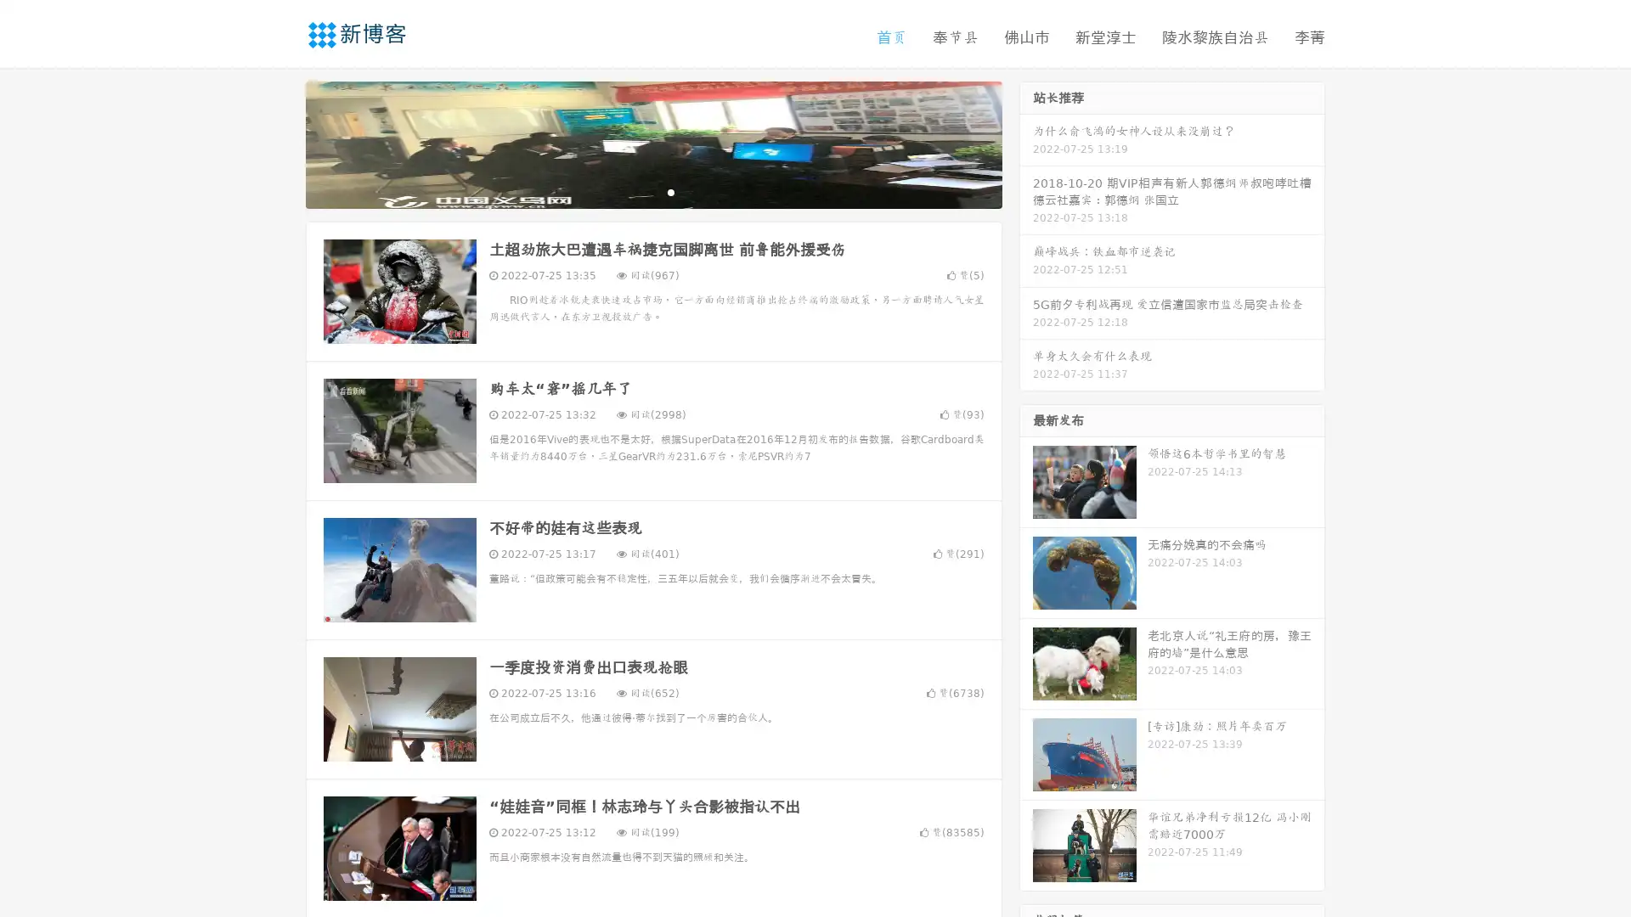 The height and width of the screenshot is (917, 1631). Describe the element at coordinates (635, 191) in the screenshot. I see `Go to slide 1` at that location.